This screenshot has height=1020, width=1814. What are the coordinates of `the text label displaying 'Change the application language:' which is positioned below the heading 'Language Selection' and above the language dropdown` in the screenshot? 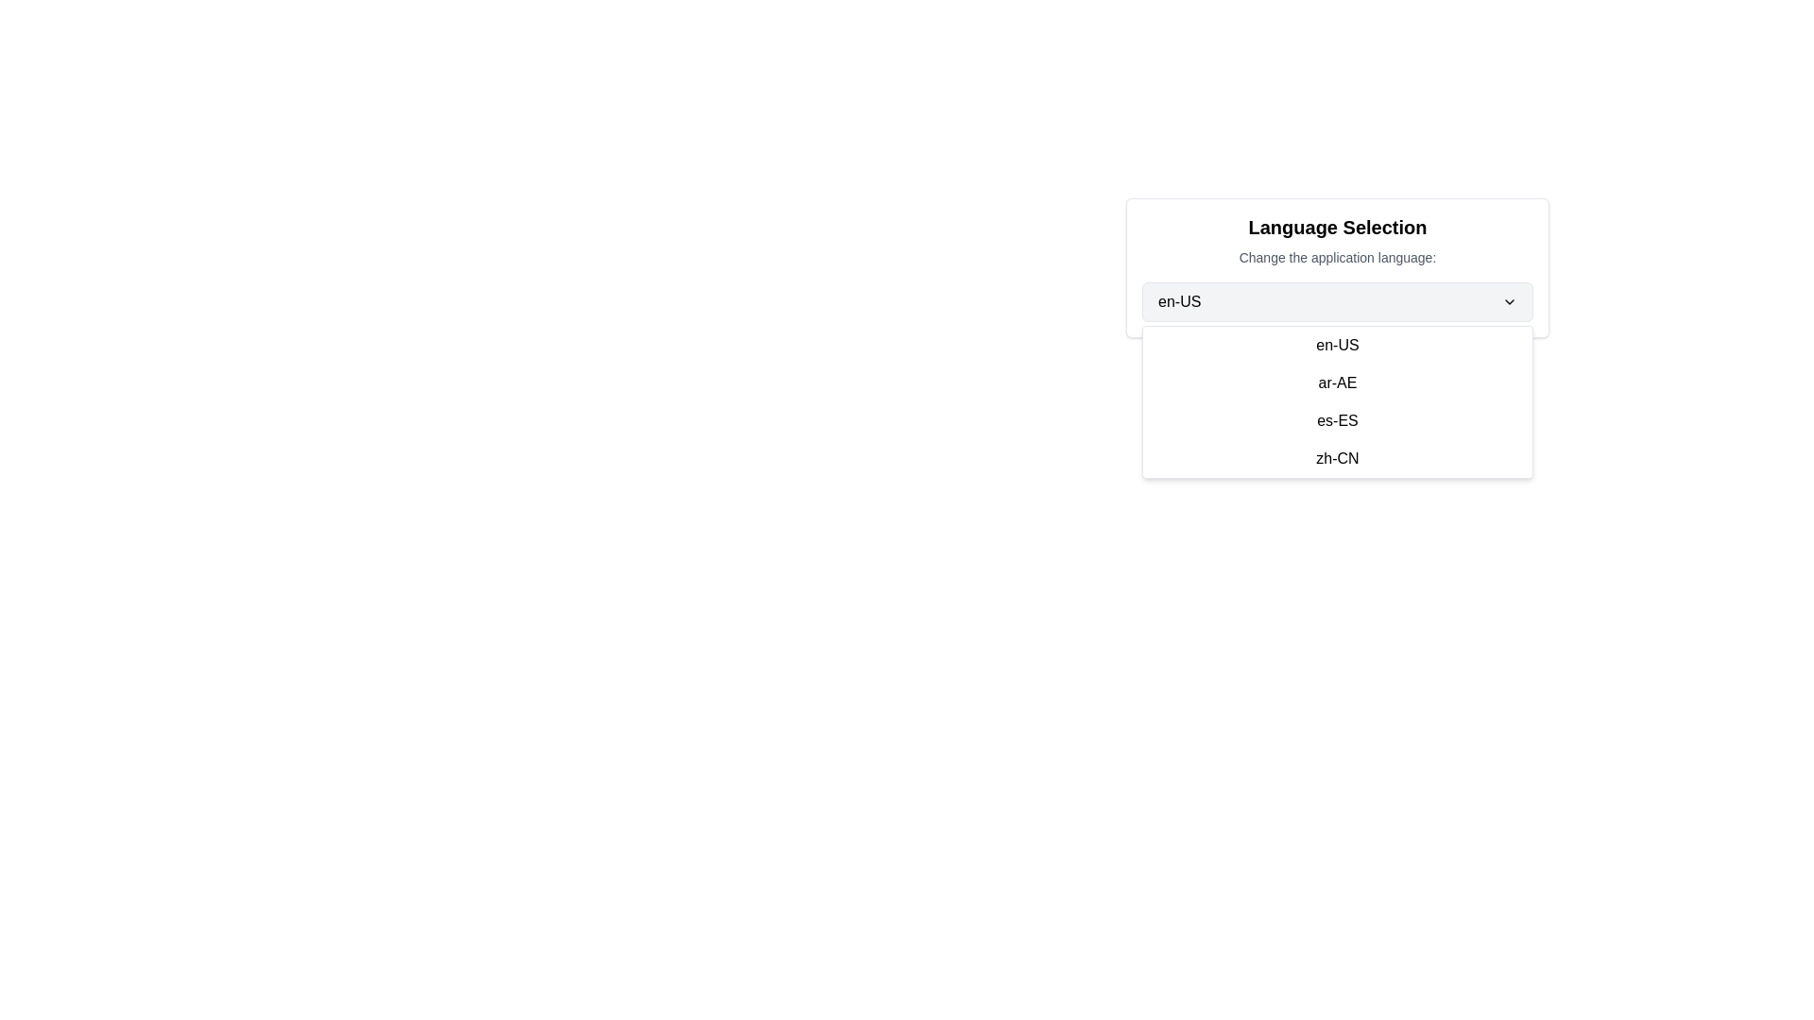 It's located at (1337, 258).